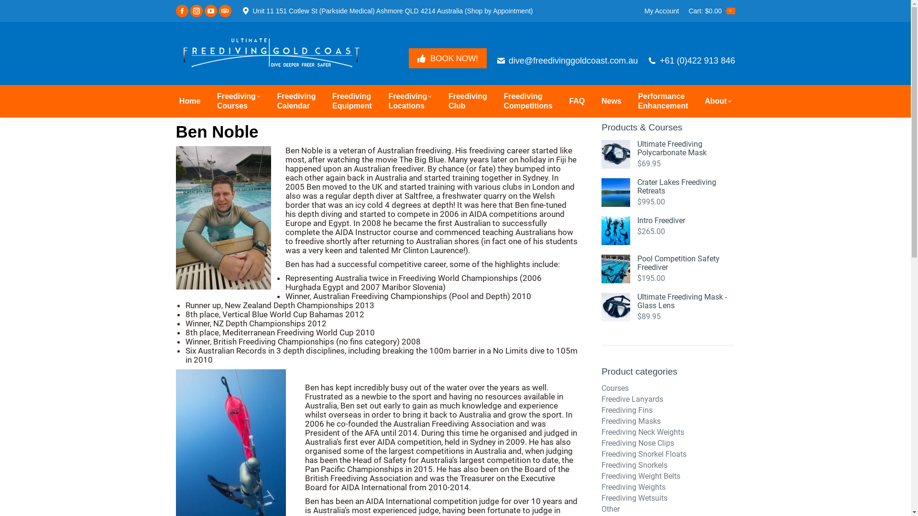  I want to click on 'News', so click(611, 101).